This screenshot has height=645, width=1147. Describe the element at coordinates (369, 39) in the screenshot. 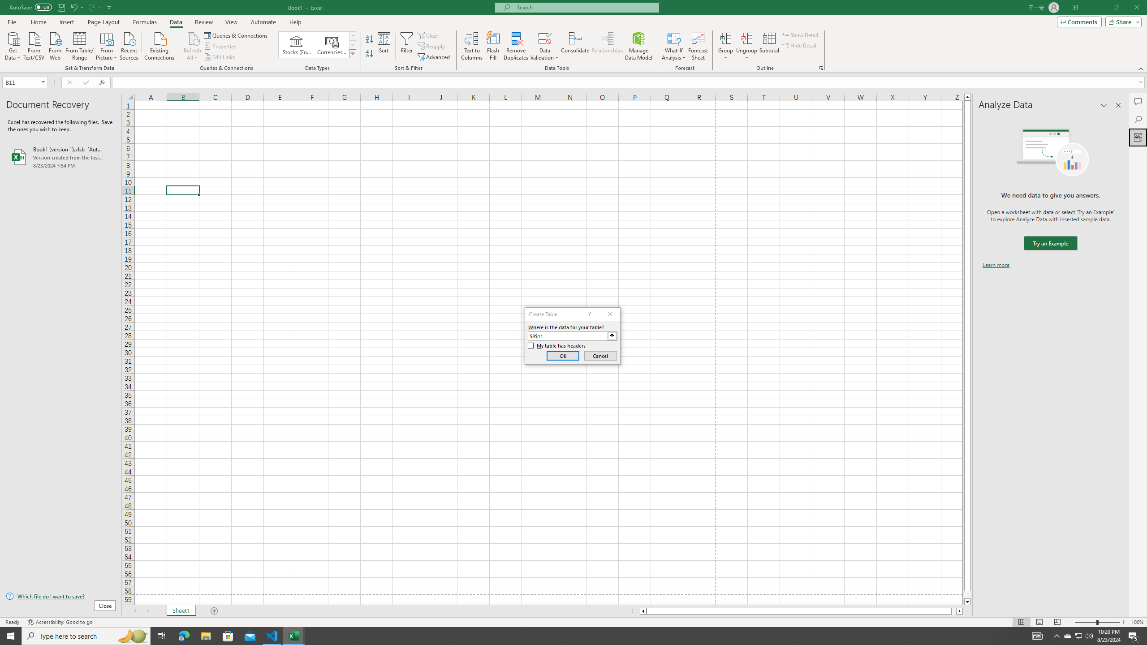

I see `'Sort A to Z'` at that location.